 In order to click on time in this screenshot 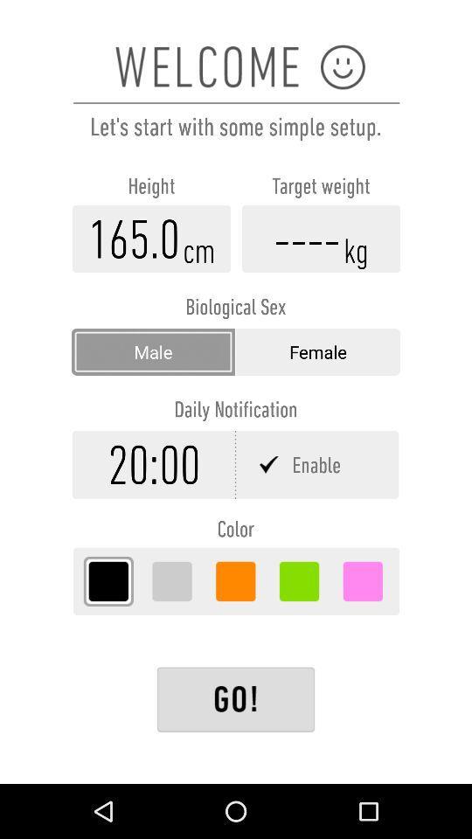, I will do `click(154, 463)`.